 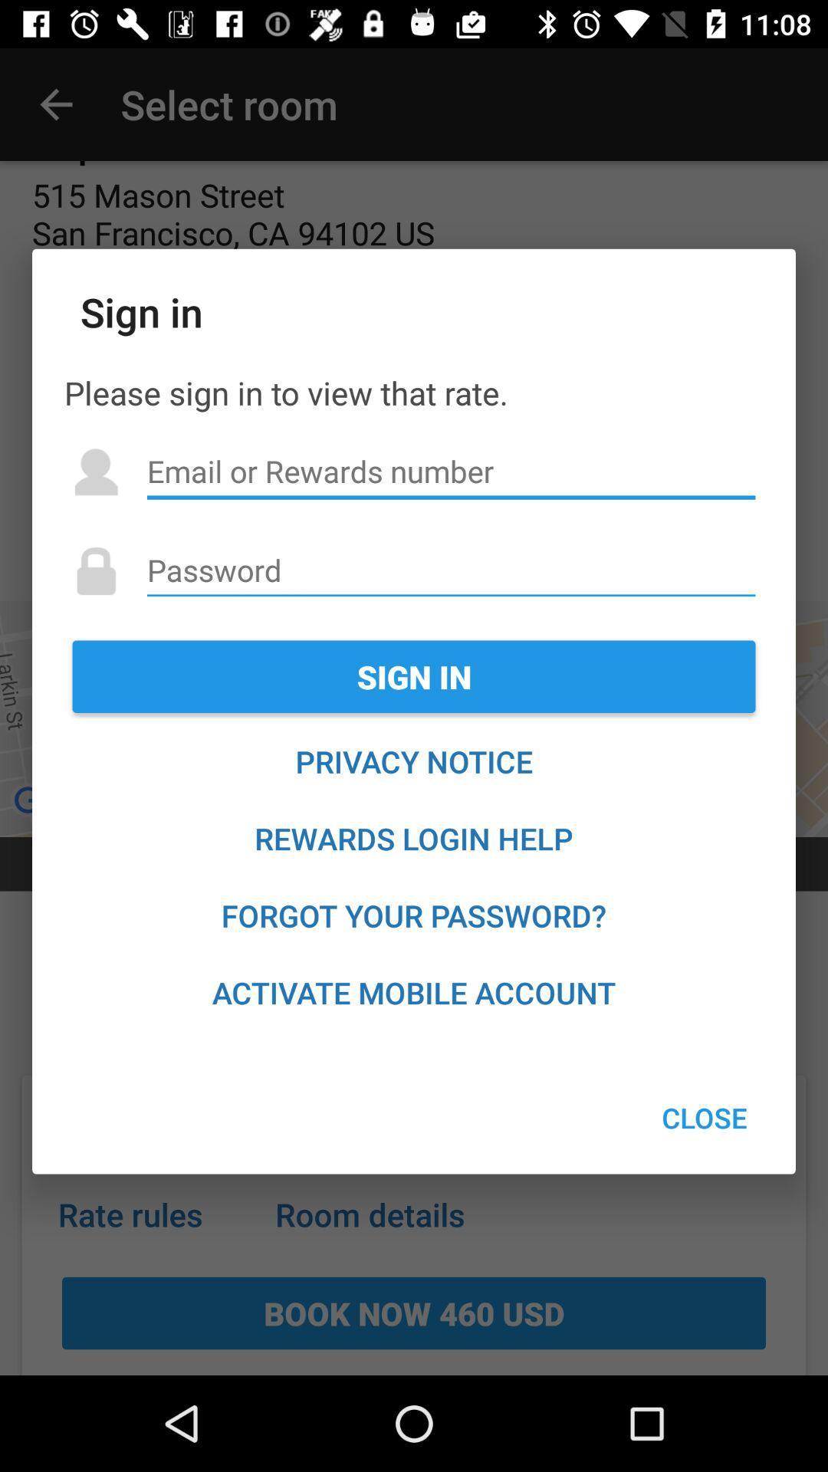 What do you see at coordinates (414, 992) in the screenshot?
I see `activate mobile account icon` at bounding box center [414, 992].